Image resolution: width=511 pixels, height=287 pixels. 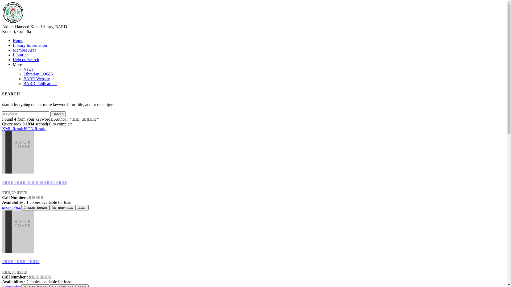 What do you see at coordinates (50, 207) in the screenshot?
I see `'file_download'` at bounding box center [50, 207].